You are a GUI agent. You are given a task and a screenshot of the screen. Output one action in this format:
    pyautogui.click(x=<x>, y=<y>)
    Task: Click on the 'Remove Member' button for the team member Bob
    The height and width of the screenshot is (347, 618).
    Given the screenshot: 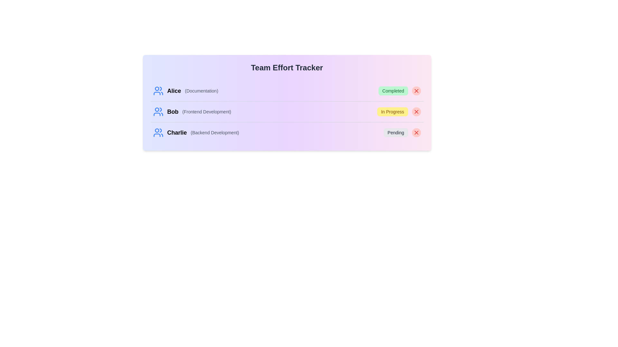 What is the action you would take?
    pyautogui.click(x=416, y=111)
    